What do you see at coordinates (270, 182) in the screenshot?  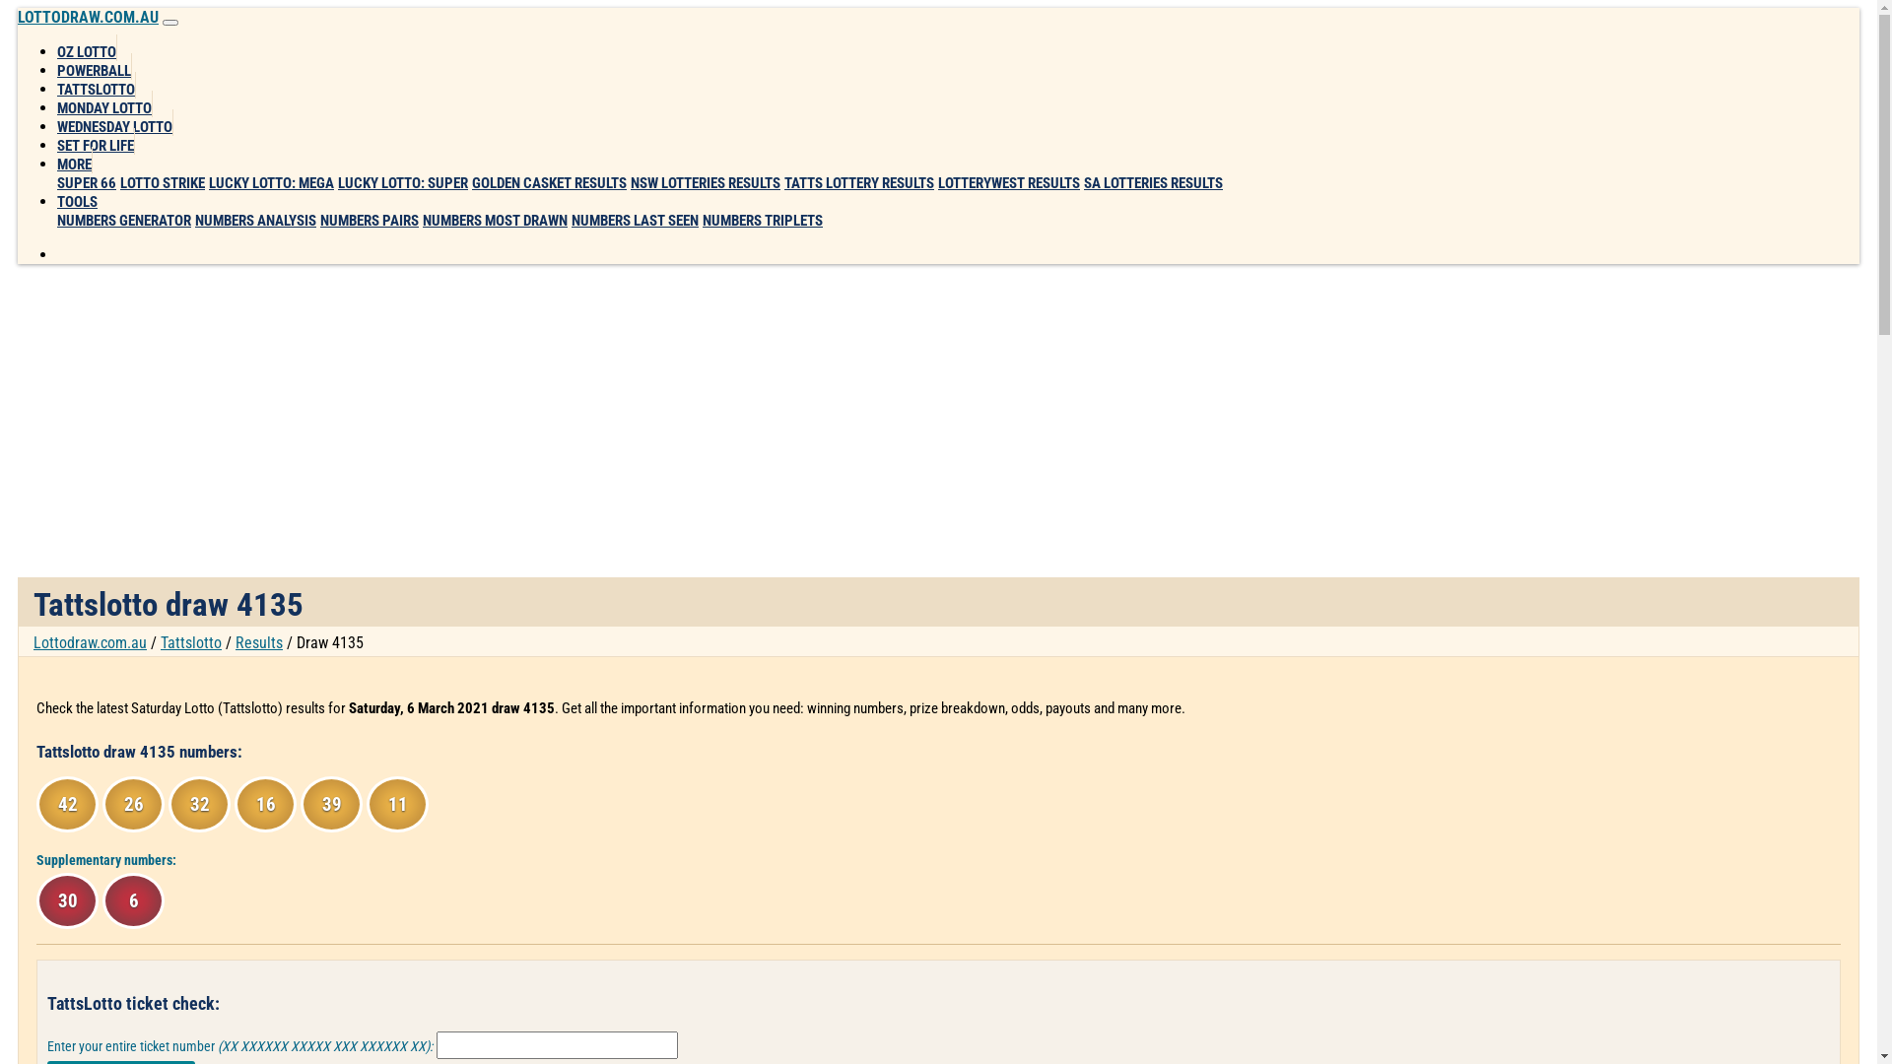 I see `'LUCKY LOTTO: MEGA'` at bounding box center [270, 182].